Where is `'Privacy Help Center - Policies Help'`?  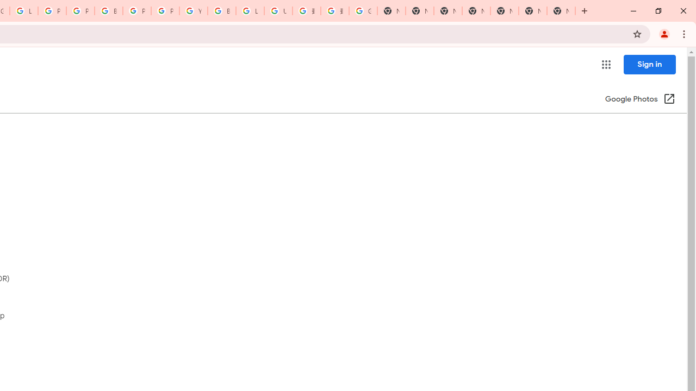
'Privacy Help Center - Policies Help' is located at coordinates (52, 11).